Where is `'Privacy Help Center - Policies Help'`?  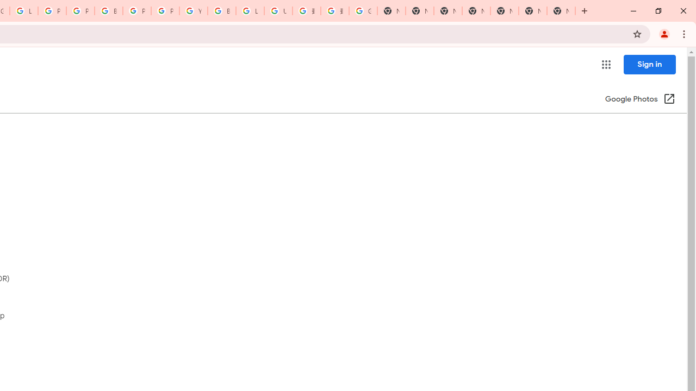
'Privacy Help Center - Policies Help' is located at coordinates (52, 11).